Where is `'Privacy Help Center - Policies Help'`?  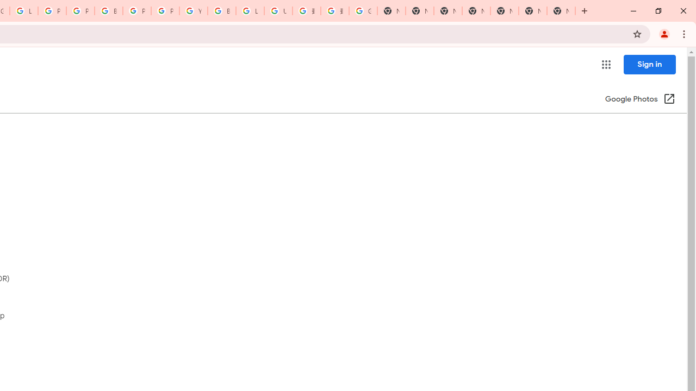
'Privacy Help Center - Policies Help' is located at coordinates (52, 11).